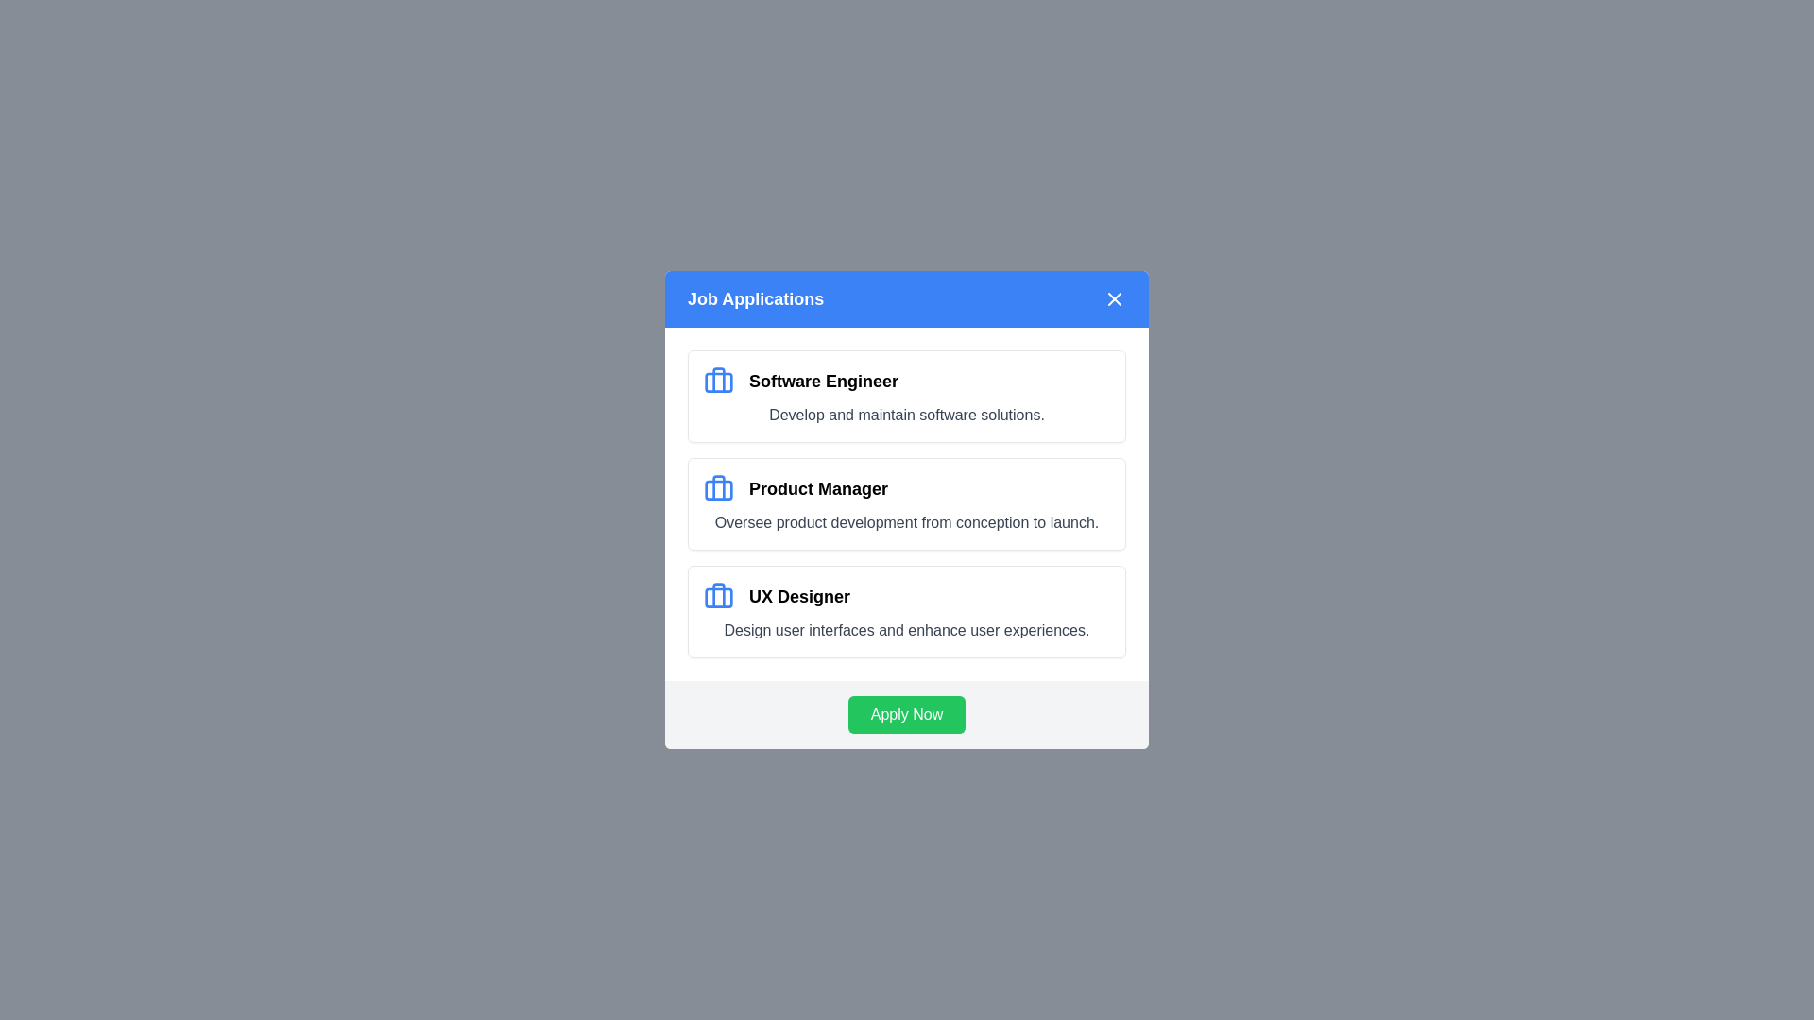 This screenshot has width=1814, height=1020. Describe the element at coordinates (907, 612) in the screenshot. I see `the third job position card in the 'Job Applications' dialog box` at that location.